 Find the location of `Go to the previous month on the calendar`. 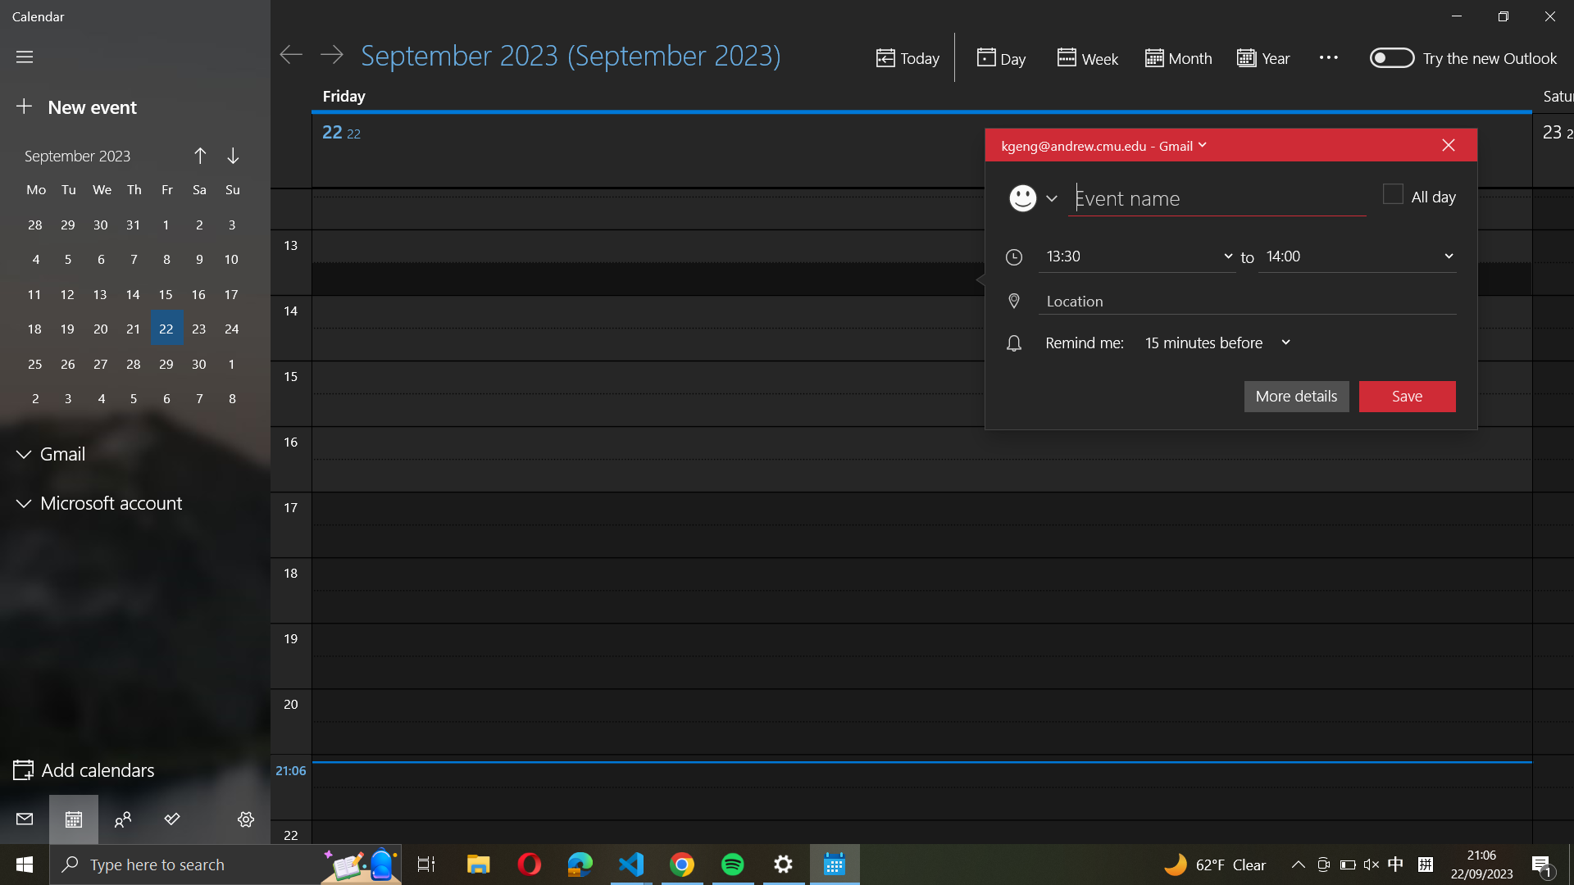

Go to the previous month on the calendar is located at coordinates (199, 157).